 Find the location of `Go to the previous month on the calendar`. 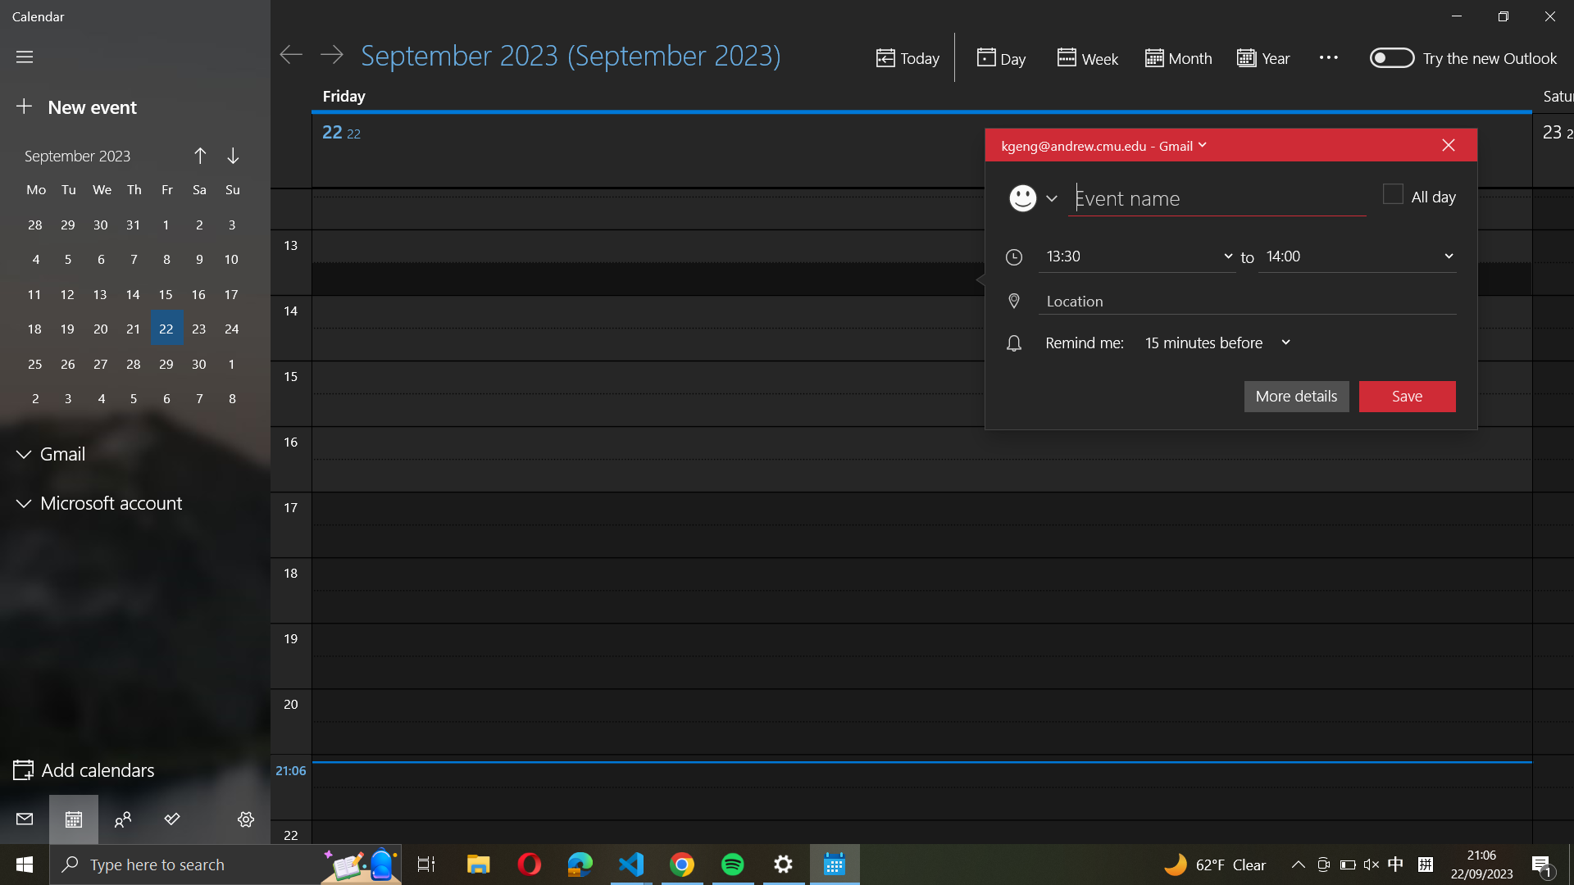

Go to the previous month on the calendar is located at coordinates (199, 157).